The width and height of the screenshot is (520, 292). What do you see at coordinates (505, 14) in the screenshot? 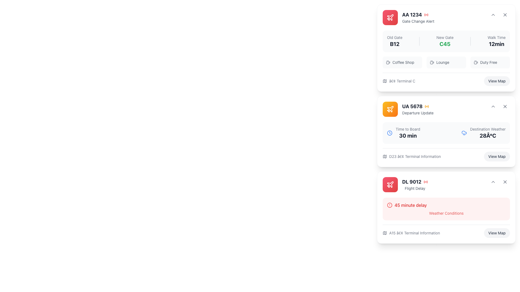
I see `the close button located at the top-right corner of the flight information card for 'AA 1234 Gate Change Alert'` at bounding box center [505, 14].